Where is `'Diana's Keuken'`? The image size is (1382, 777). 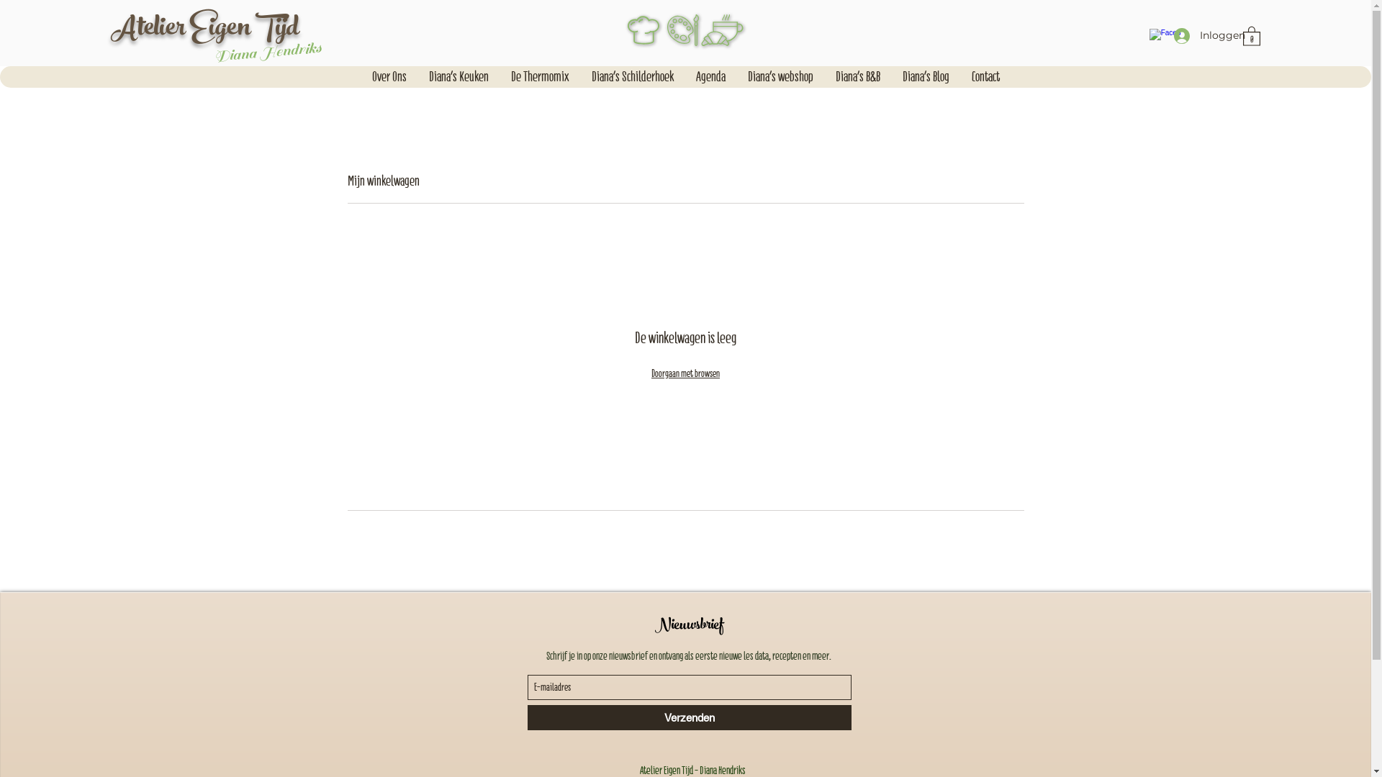
'Diana's Keuken' is located at coordinates (458, 77).